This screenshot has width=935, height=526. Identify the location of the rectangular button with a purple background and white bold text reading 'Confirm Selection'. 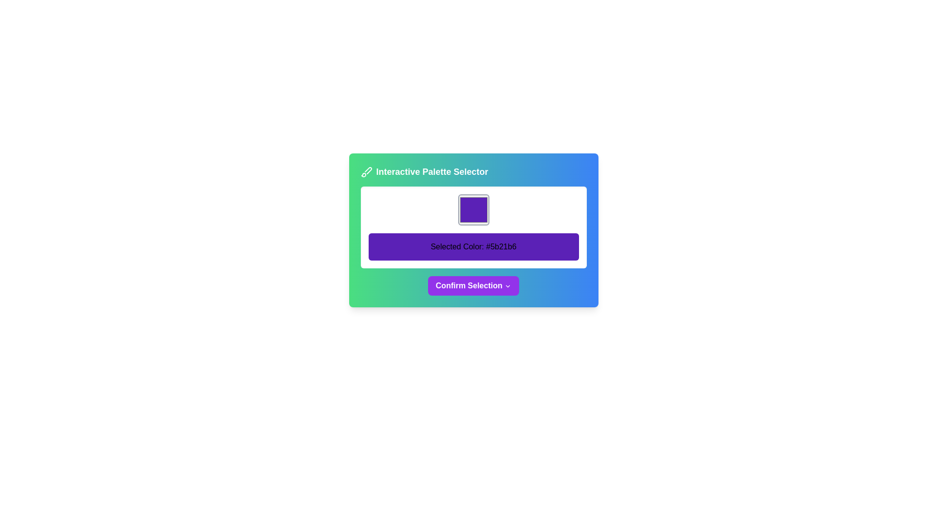
(473, 285).